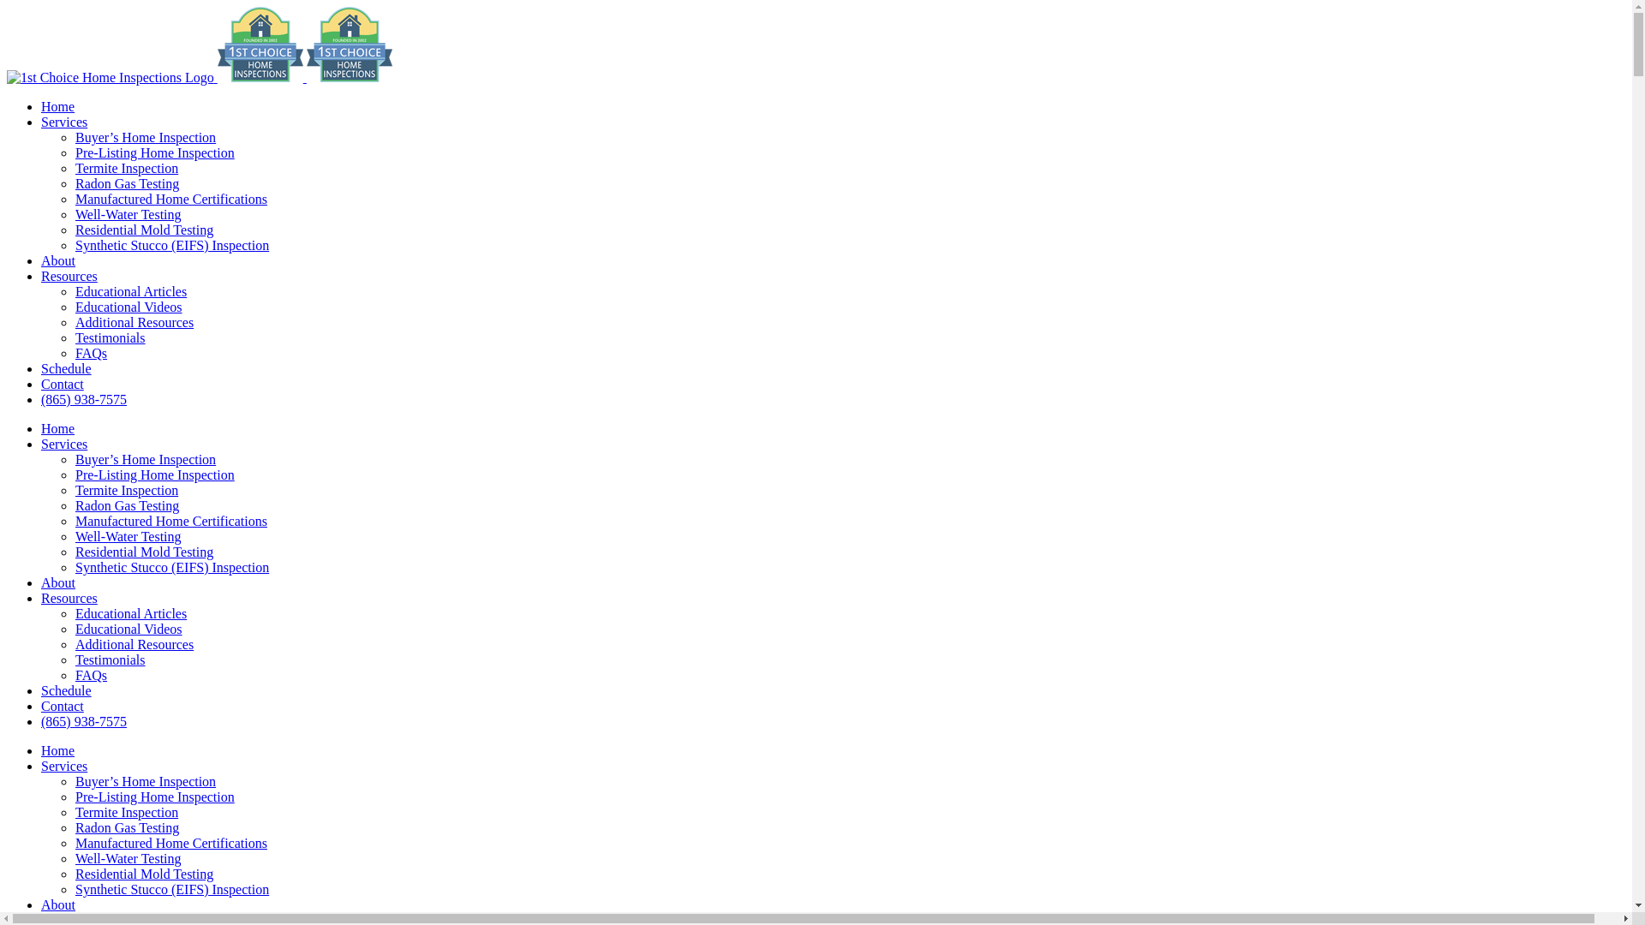 The height and width of the screenshot is (925, 1645). What do you see at coordinates (110, 337) in the screenshot?
I see `'Testimonials'` at bounding box center [110, 337].